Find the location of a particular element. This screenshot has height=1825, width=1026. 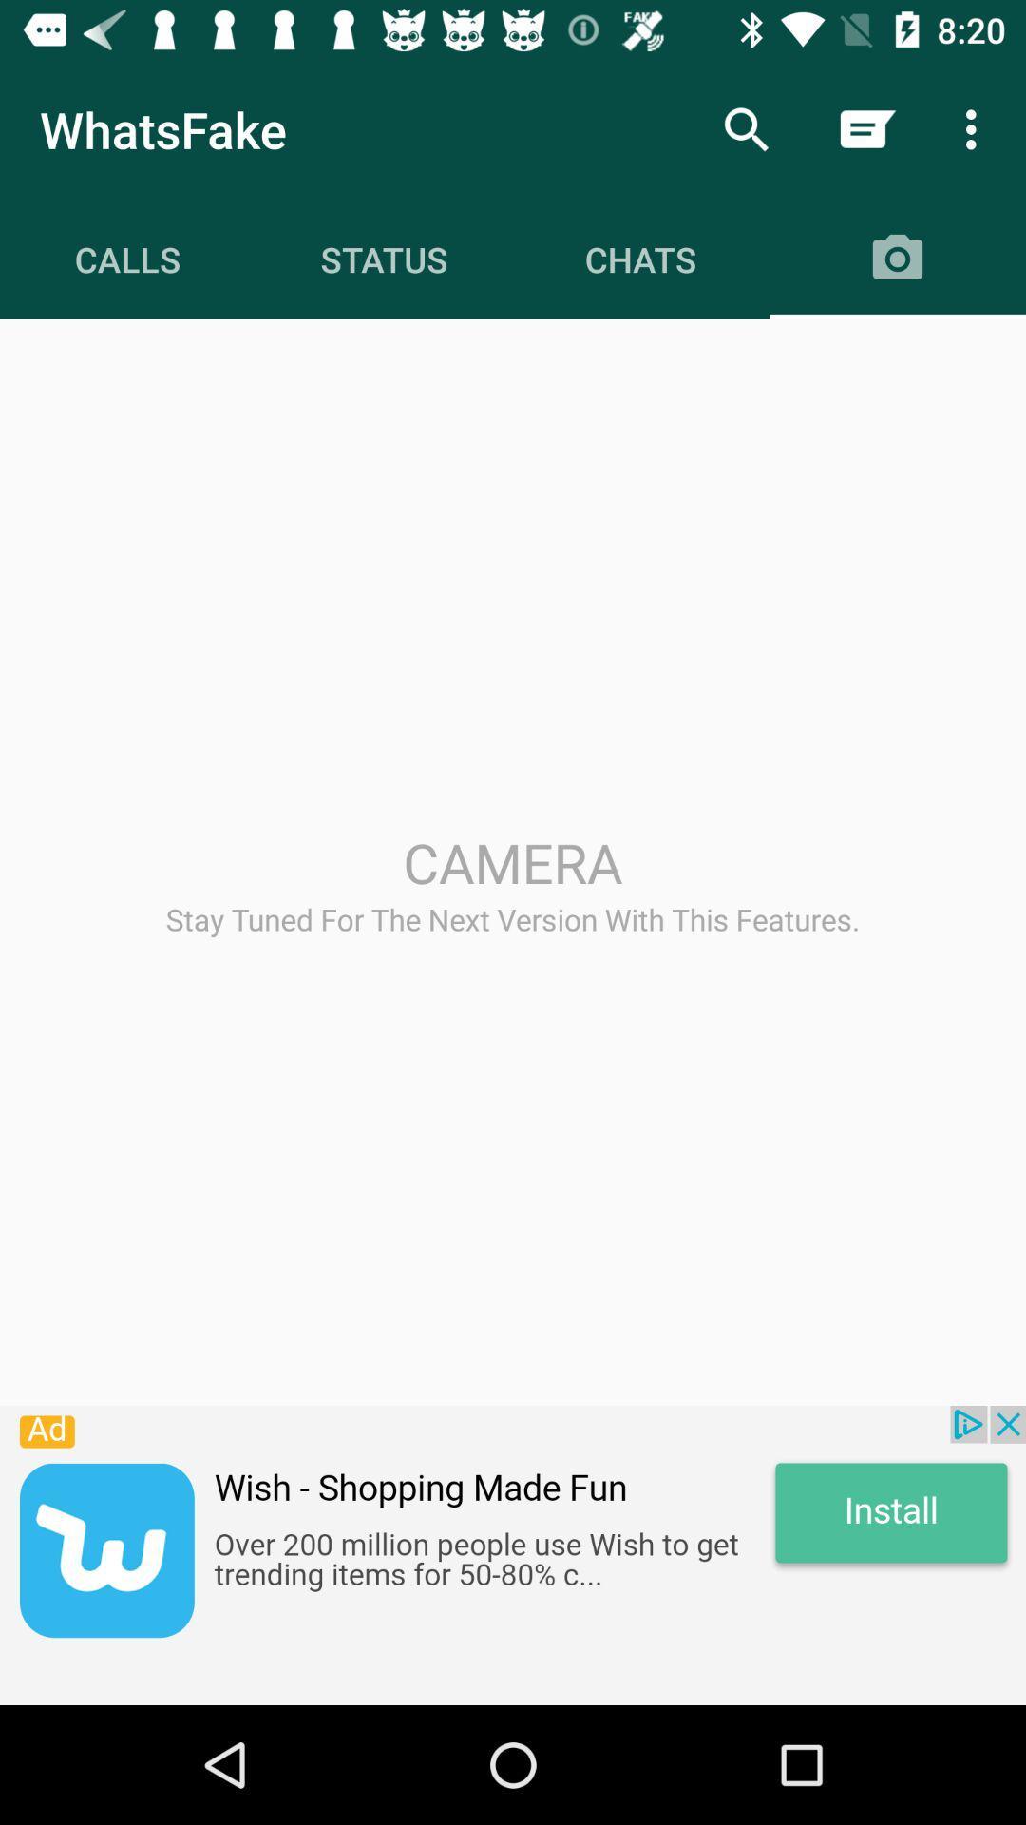

the message icon next to search icon is located at coordinates (865, 129).